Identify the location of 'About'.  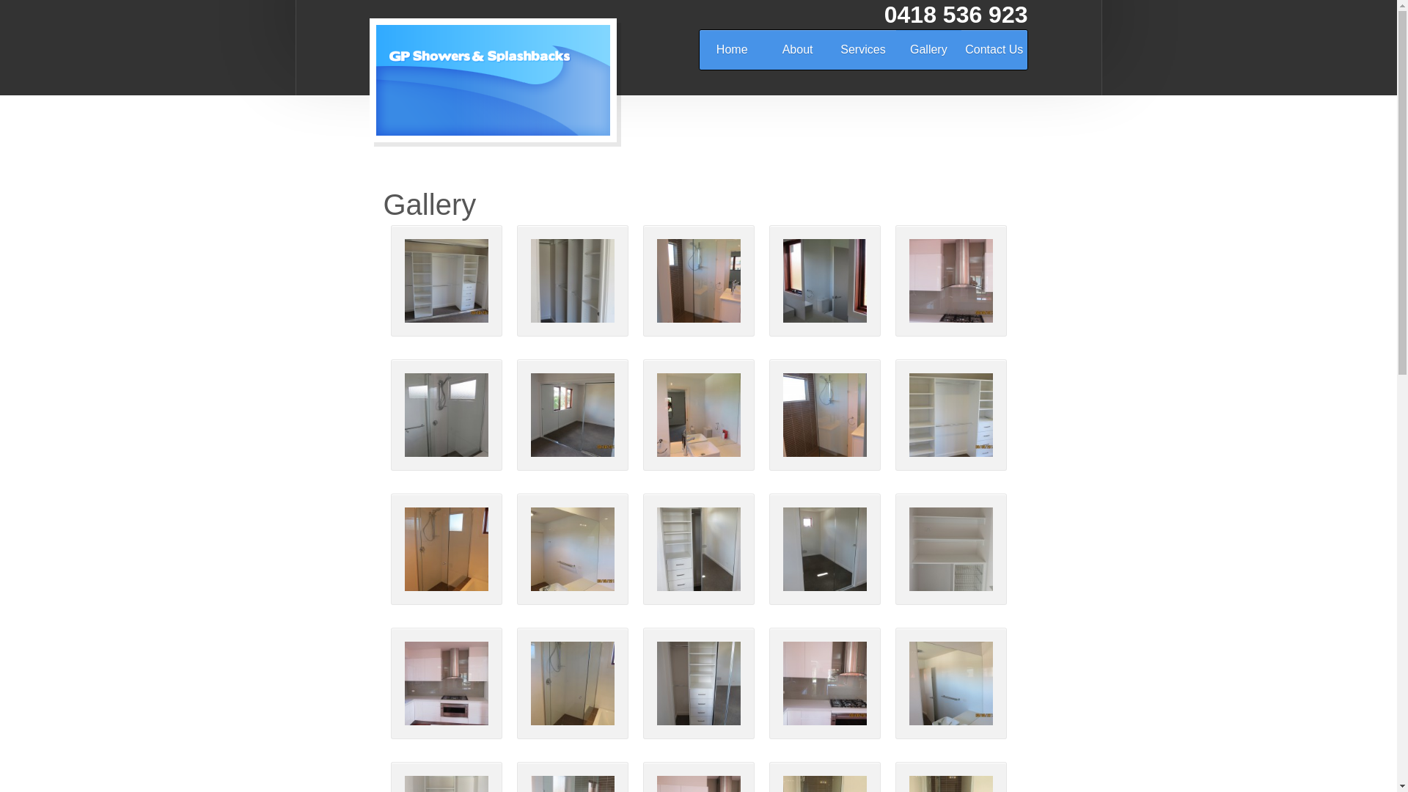
(796, 49).